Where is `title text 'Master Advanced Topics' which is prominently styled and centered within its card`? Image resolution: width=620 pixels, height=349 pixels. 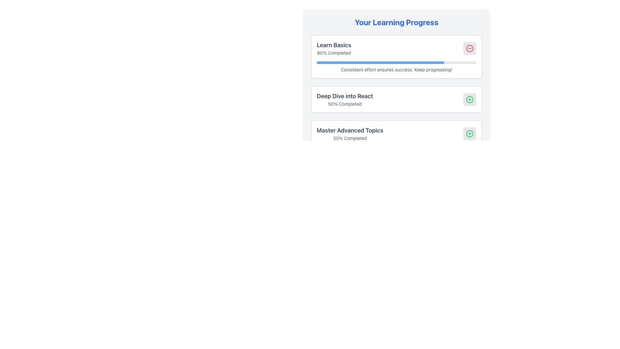
title text 'Master Advanced Topics' which is prominently styled and centered within its card is located at coordinates (350, 131).